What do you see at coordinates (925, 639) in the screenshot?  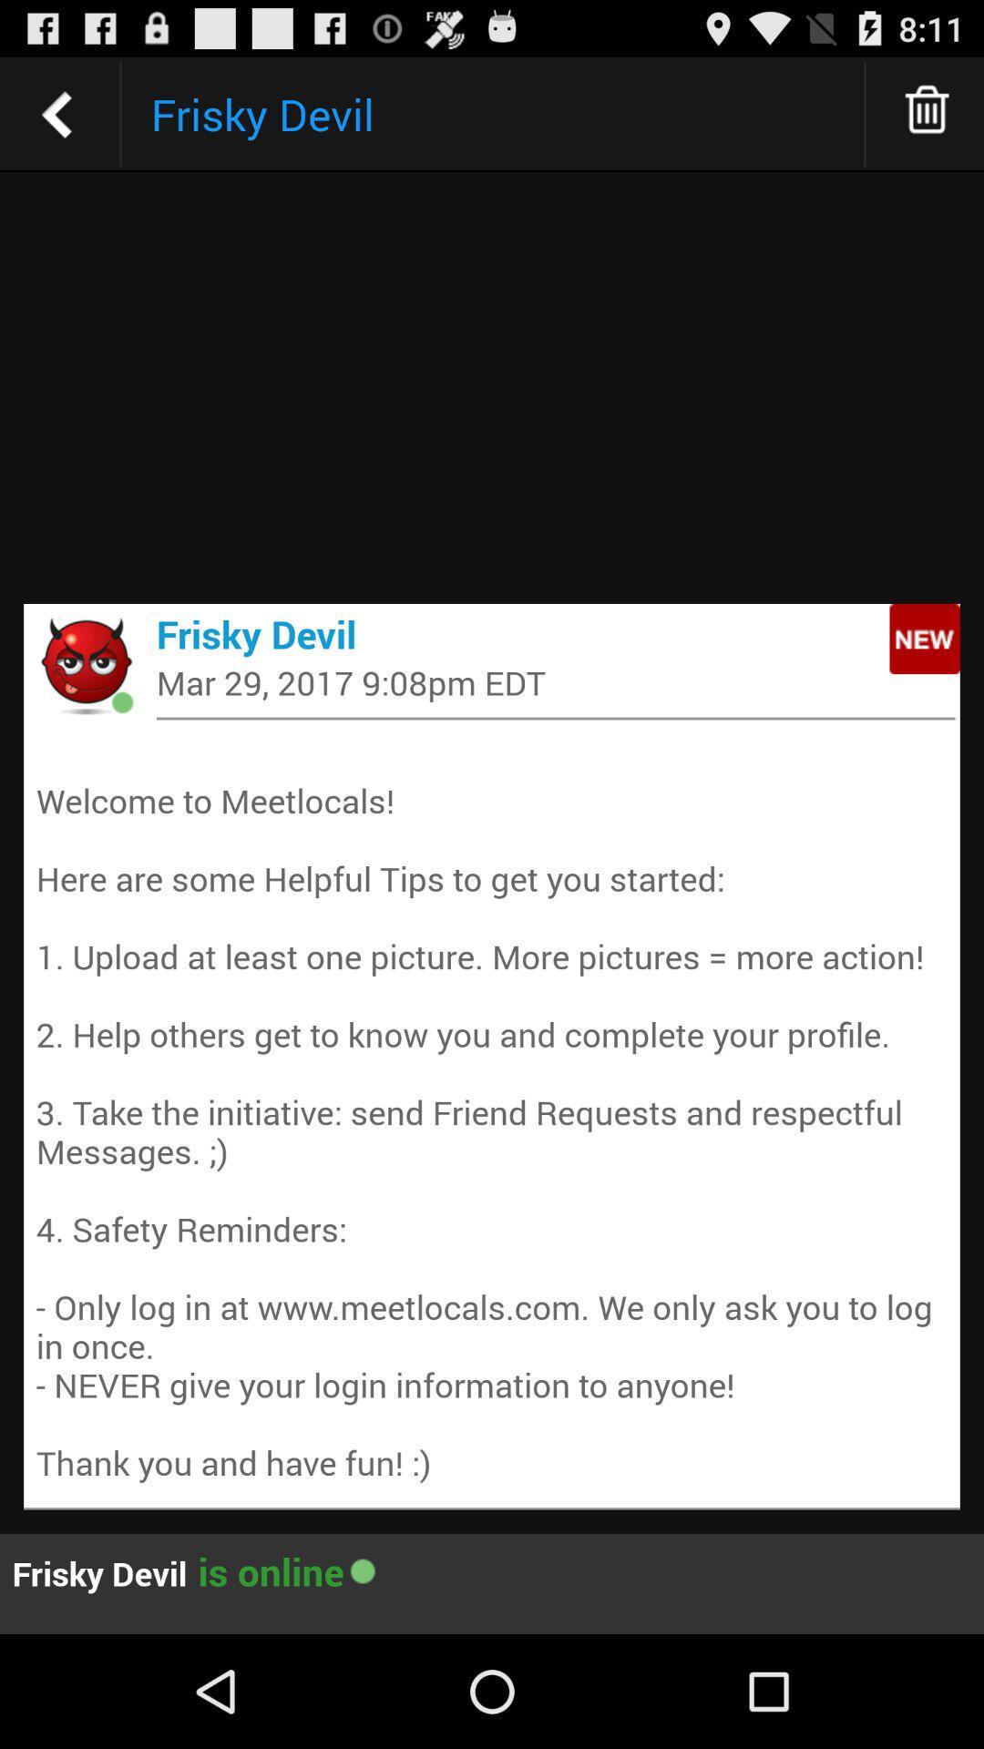 I see `icon on the right` at bounding box center [925, 639].